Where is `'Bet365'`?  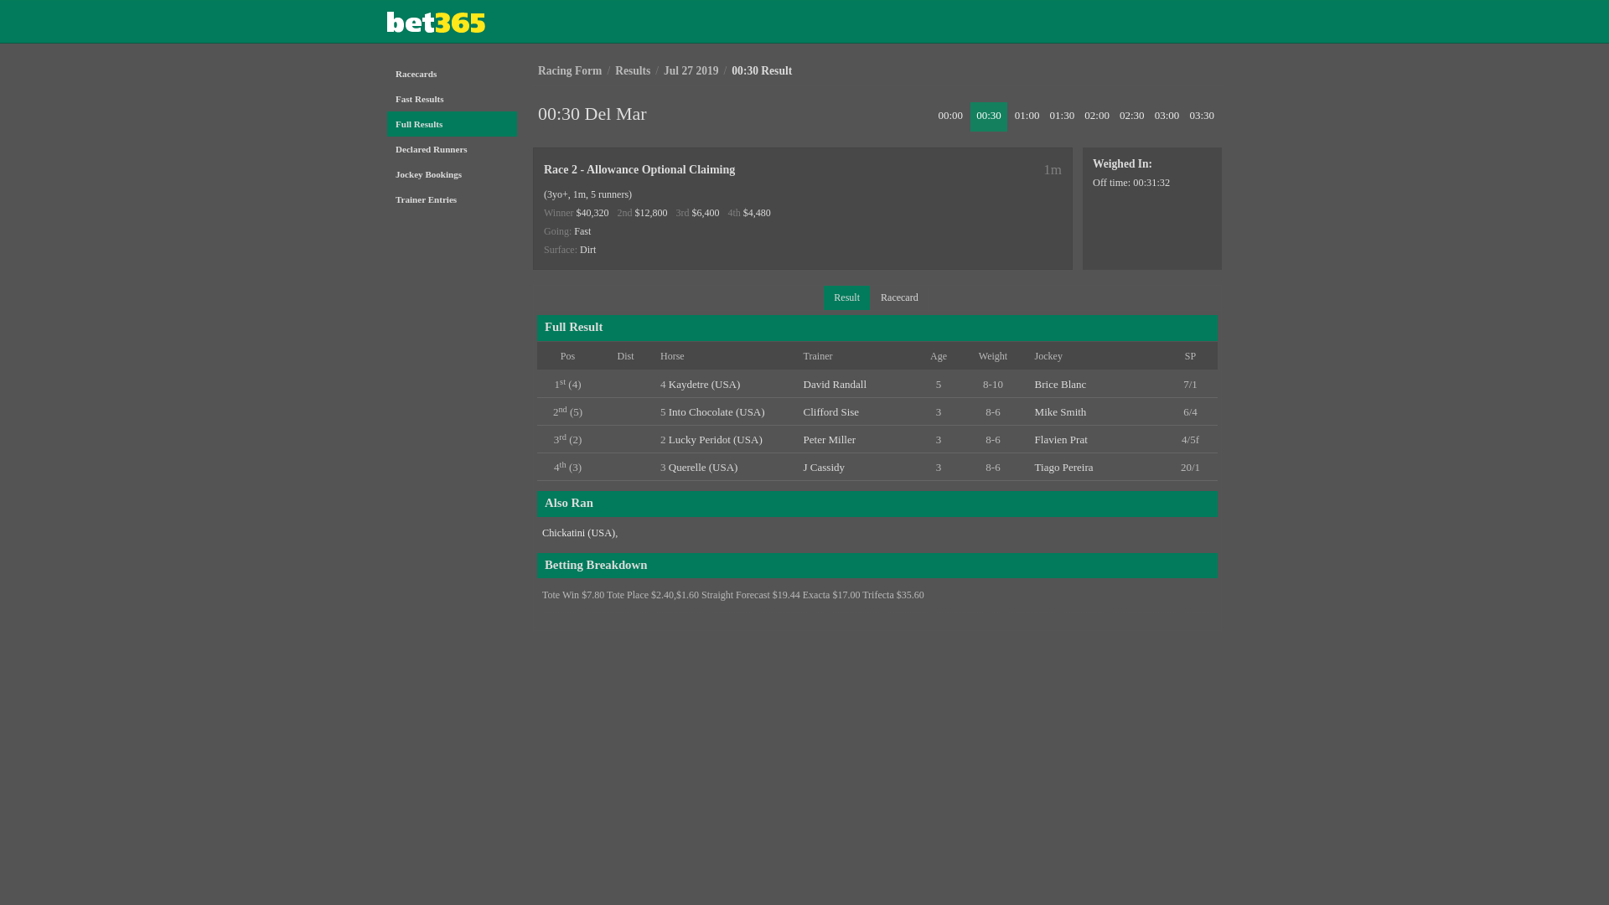
'Bet365' is located at coordinates (385, 22).